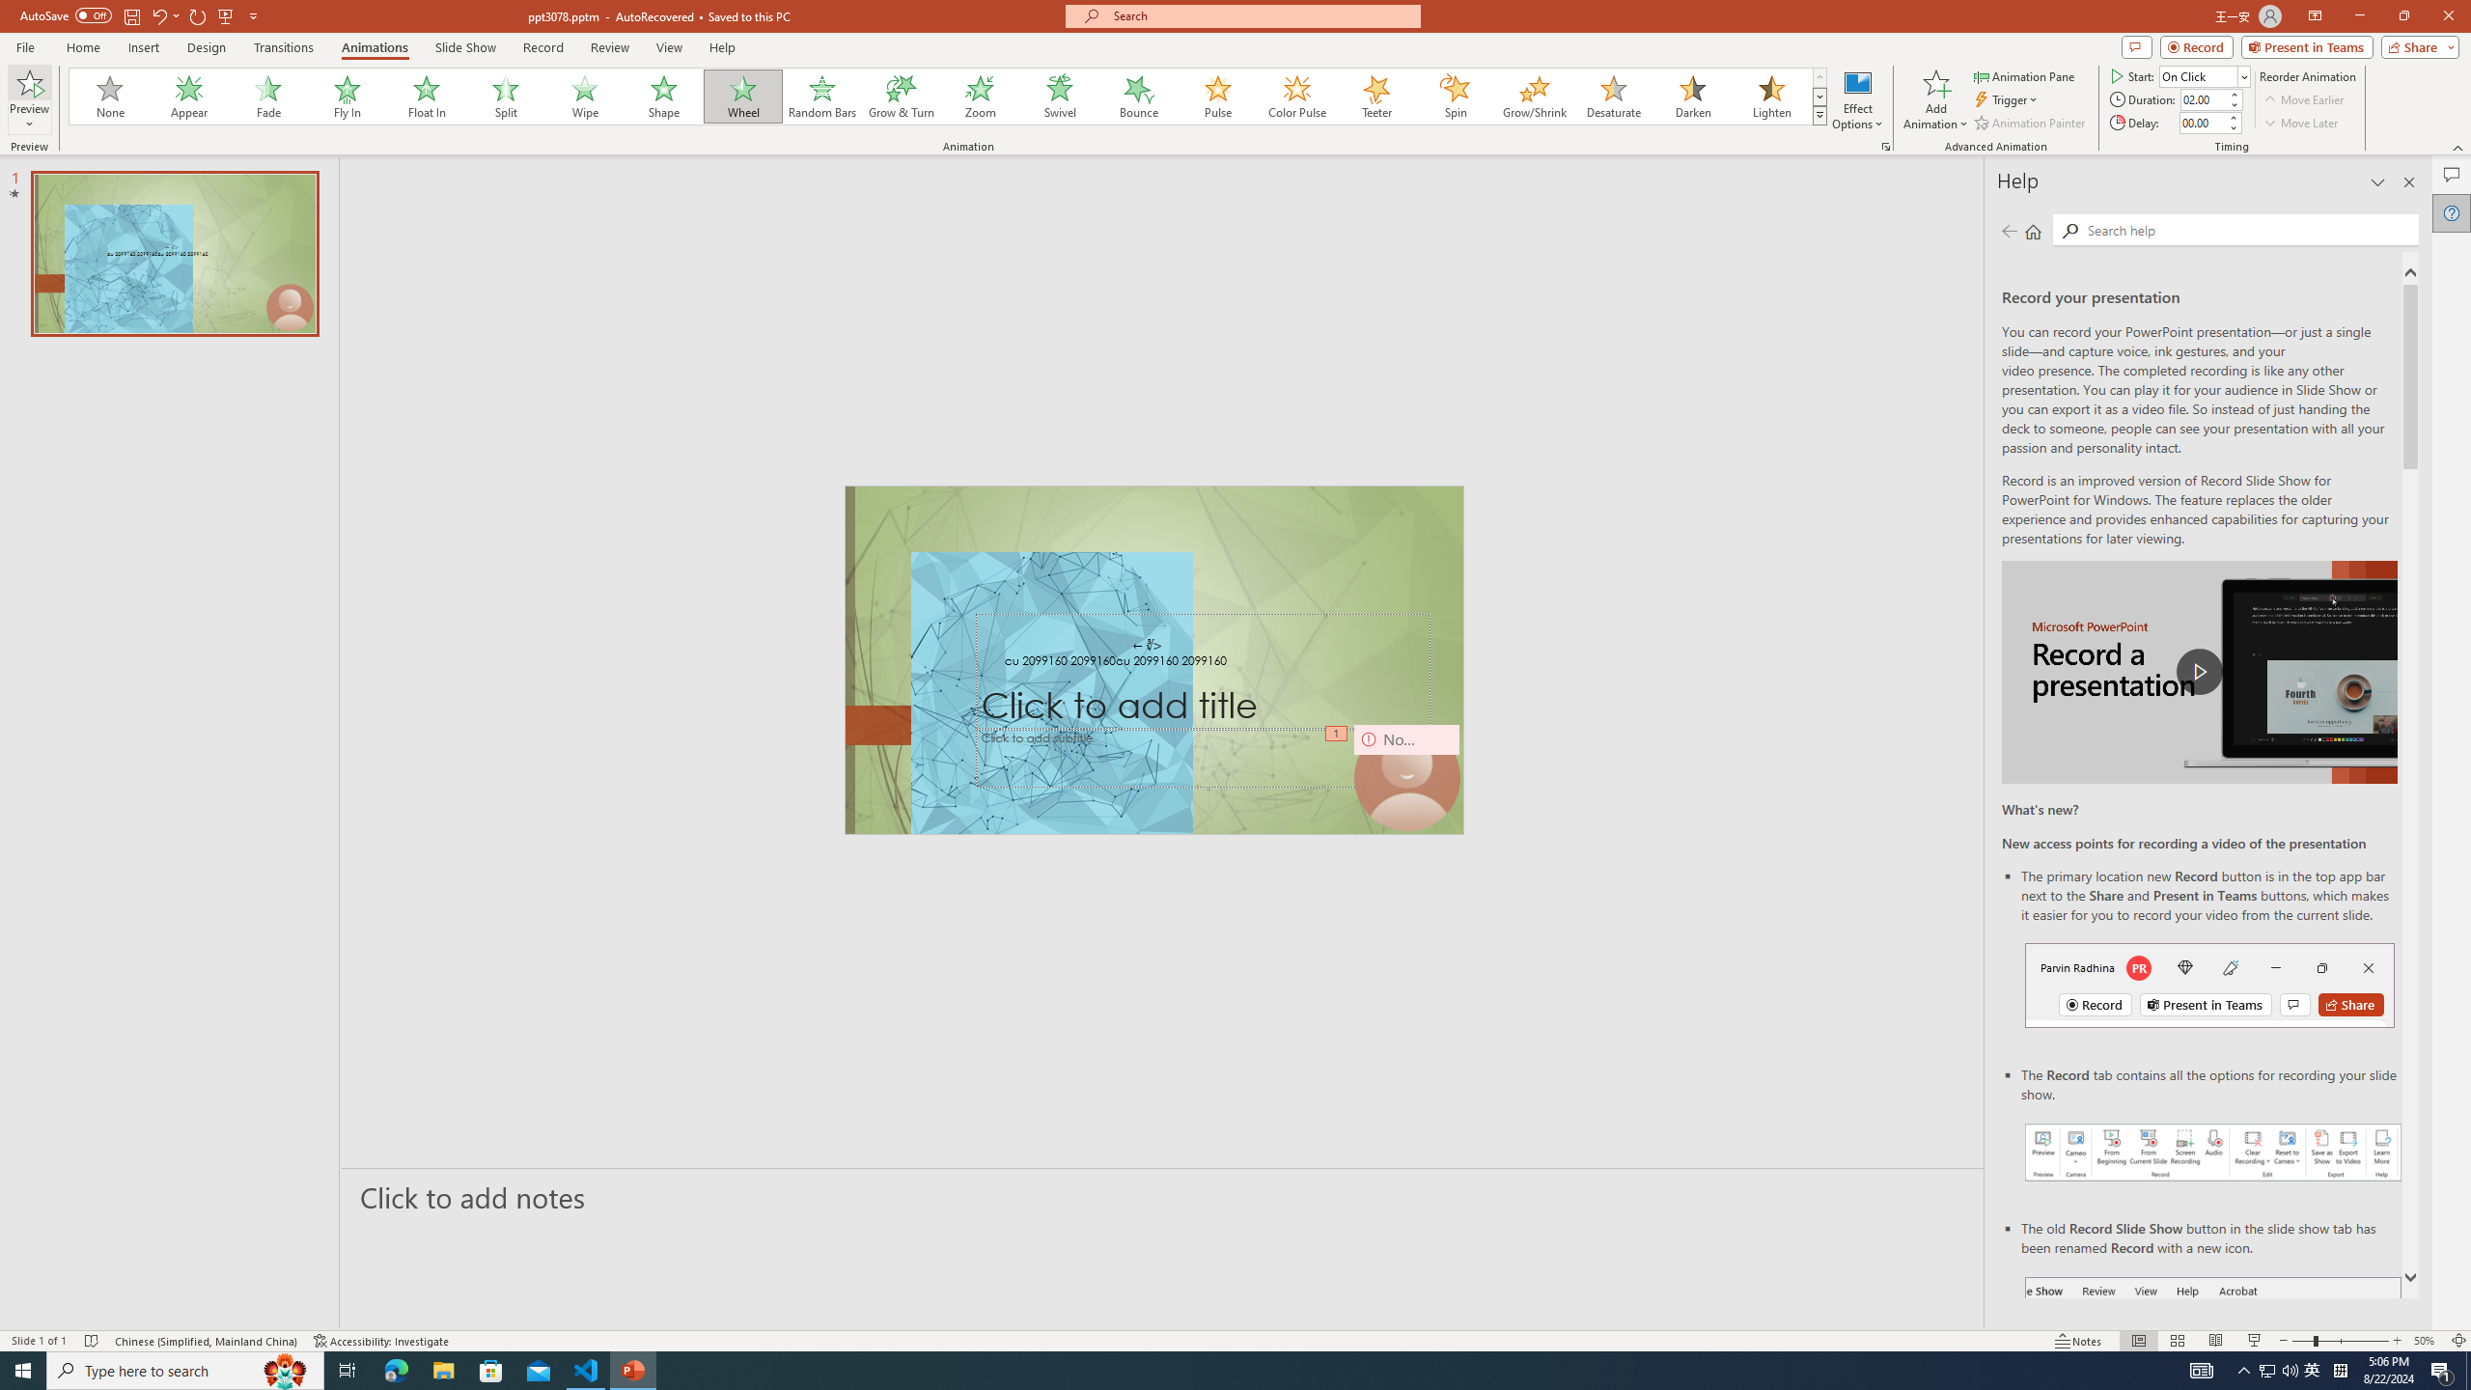 This screenshot has width=2471, height=1390. Describe the element at coordinates (948, 96) in the screenshot. I see `'AutomationID: AnimationGallery'` at that location.